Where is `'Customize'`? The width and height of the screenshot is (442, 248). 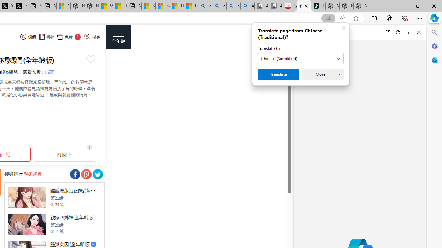 'Customize' is located at coordinates (434, 82).